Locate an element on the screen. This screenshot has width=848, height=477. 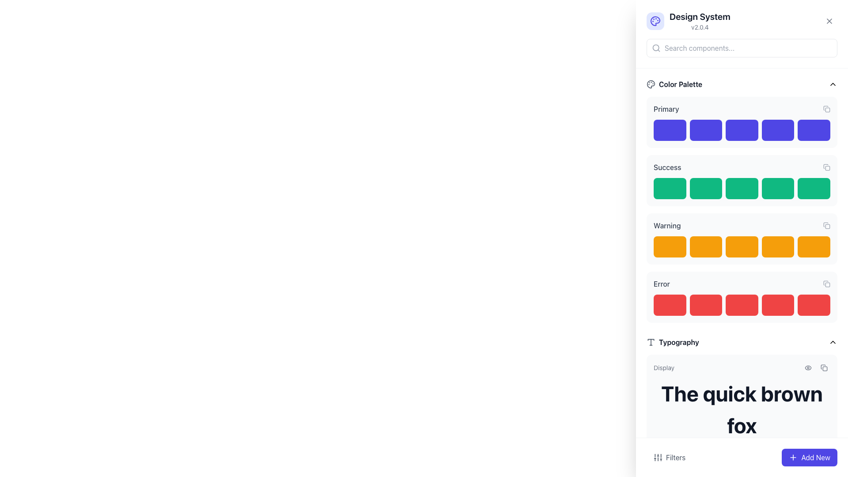
the orange rectangular button in the third position from the left within the 'Warning' section of the 'Color Palette' group to observe the hover effect is located at coordinates (742, 238).